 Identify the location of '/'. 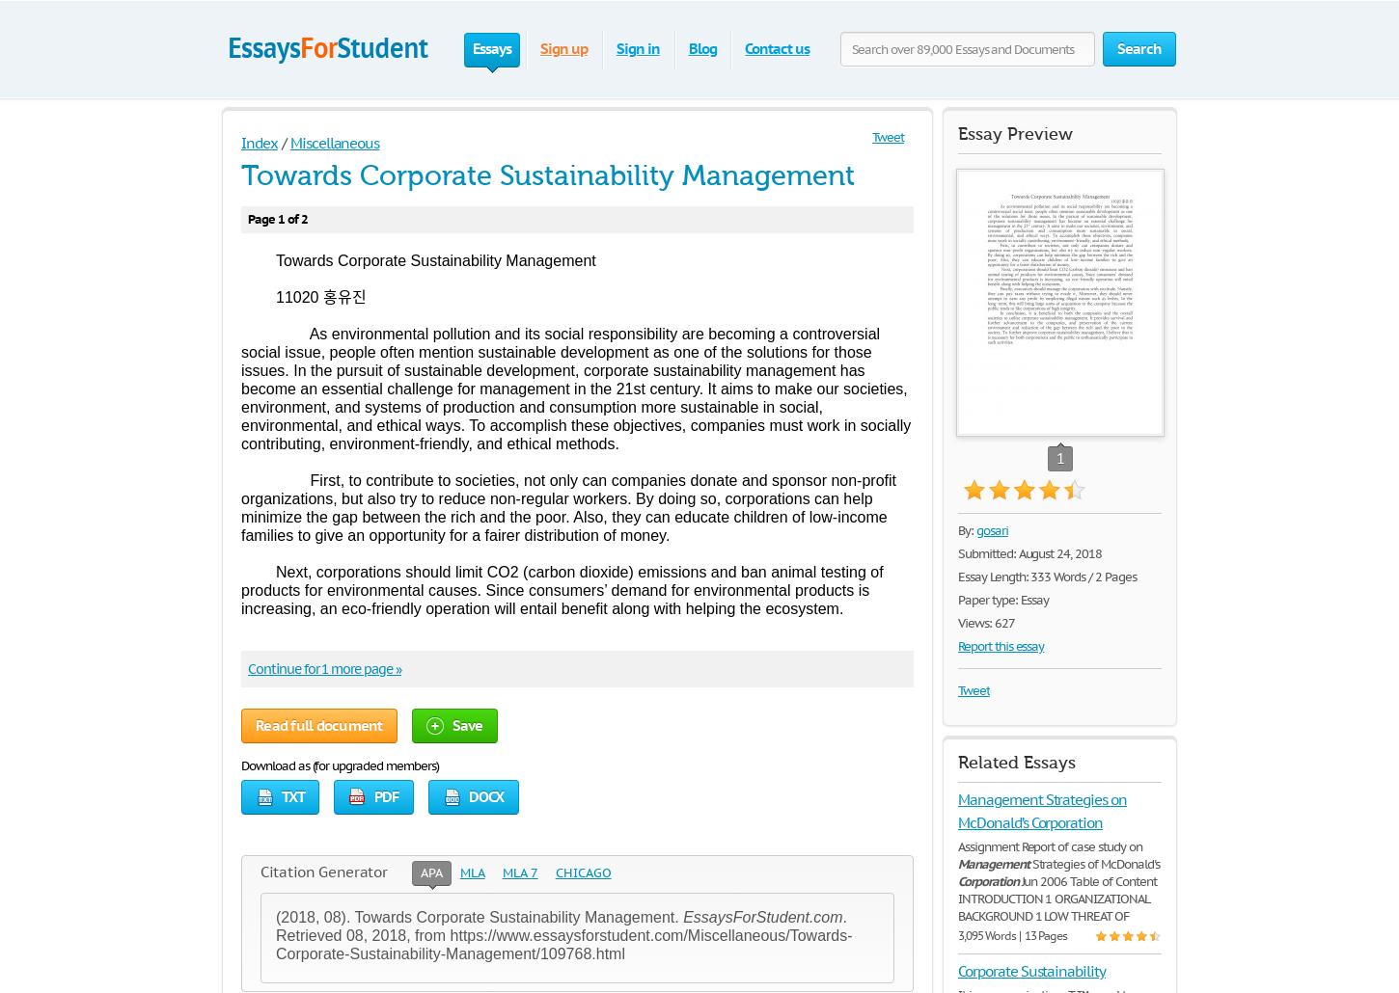
(283, 142).